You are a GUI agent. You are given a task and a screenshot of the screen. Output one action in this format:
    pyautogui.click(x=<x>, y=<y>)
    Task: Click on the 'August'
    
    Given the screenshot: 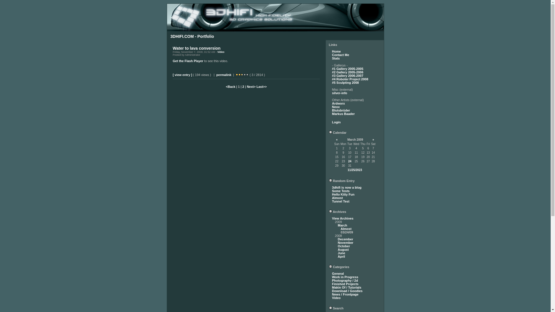 What is the action you would take?
    pyautogui.click(x=343, y=249)
    